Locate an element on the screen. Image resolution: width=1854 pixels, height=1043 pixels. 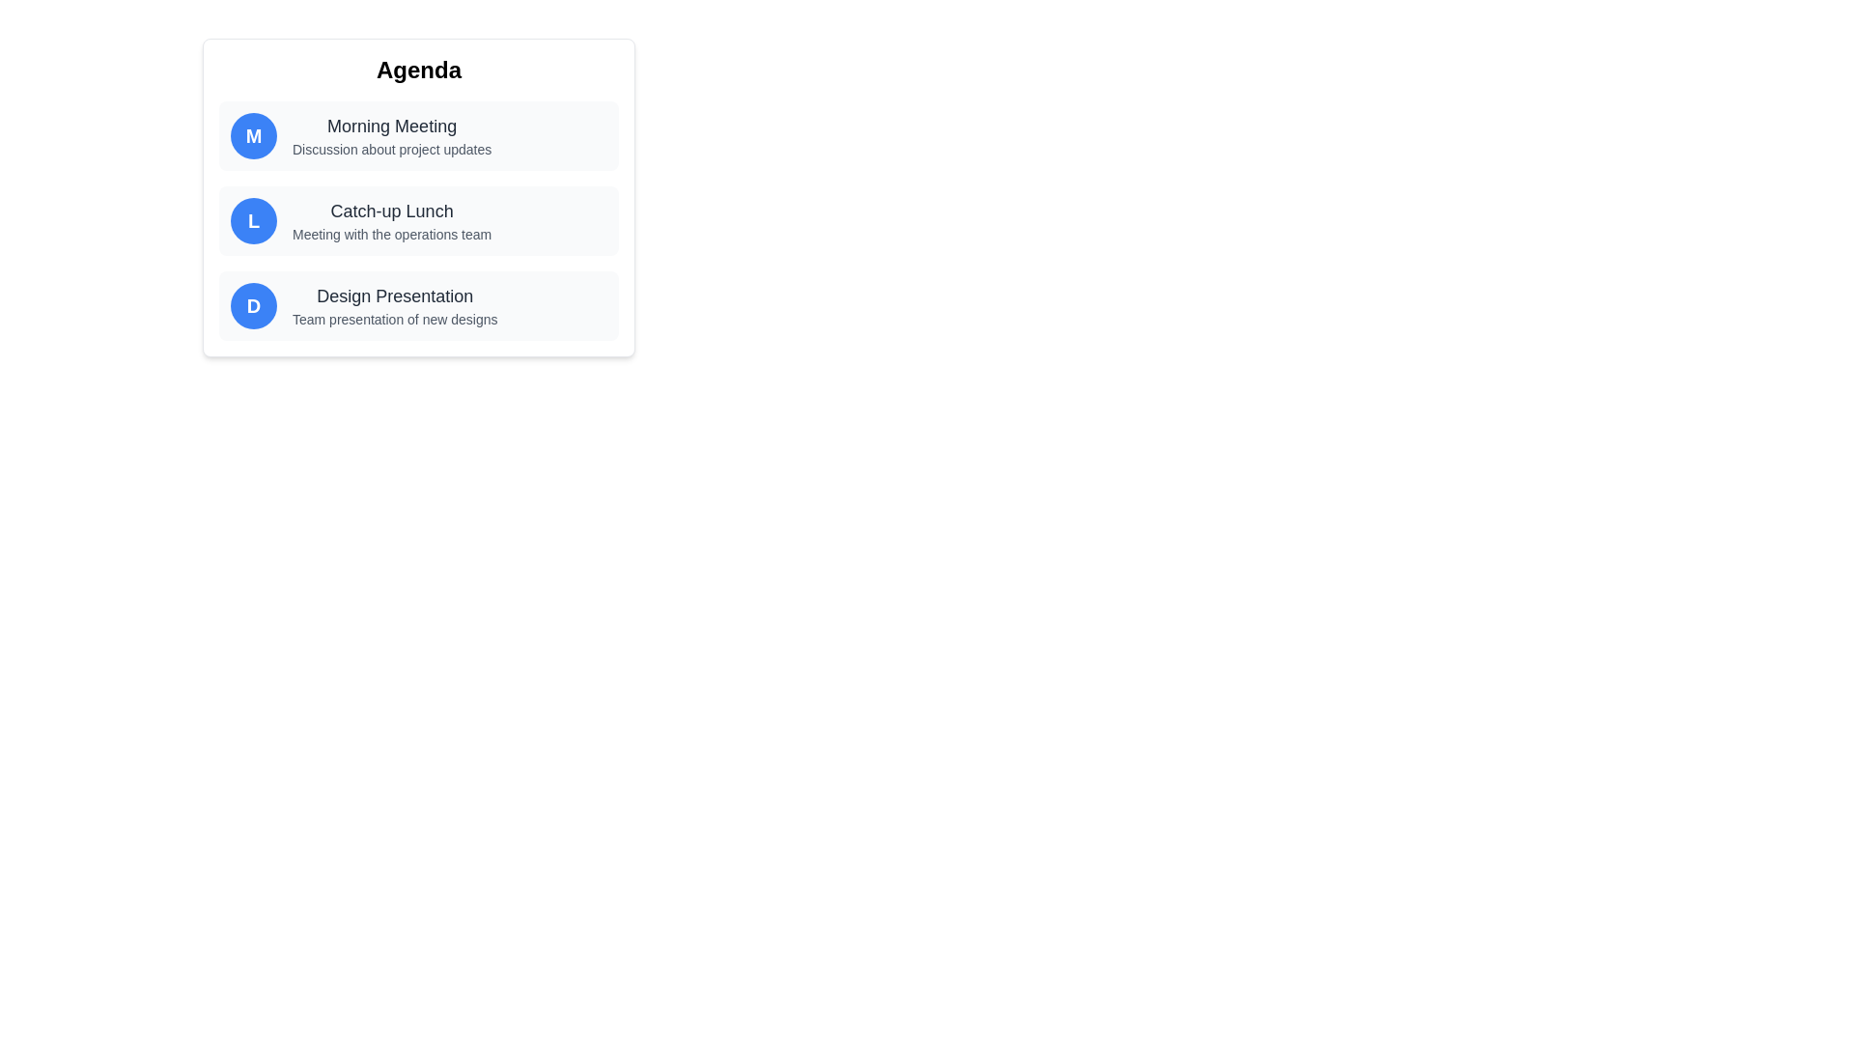
the second agenda item in the vertically stacked list, which consists of a blue circular icon with a letter, a bold title, and a description in lighter text, located below the title 'Agenda' and above the 'Design Presentation' segment is located at coordinates (417, 219).